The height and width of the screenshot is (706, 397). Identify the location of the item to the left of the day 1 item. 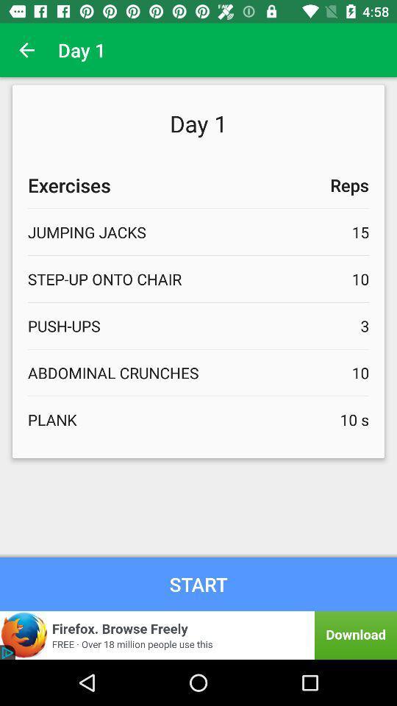
(26, 50).